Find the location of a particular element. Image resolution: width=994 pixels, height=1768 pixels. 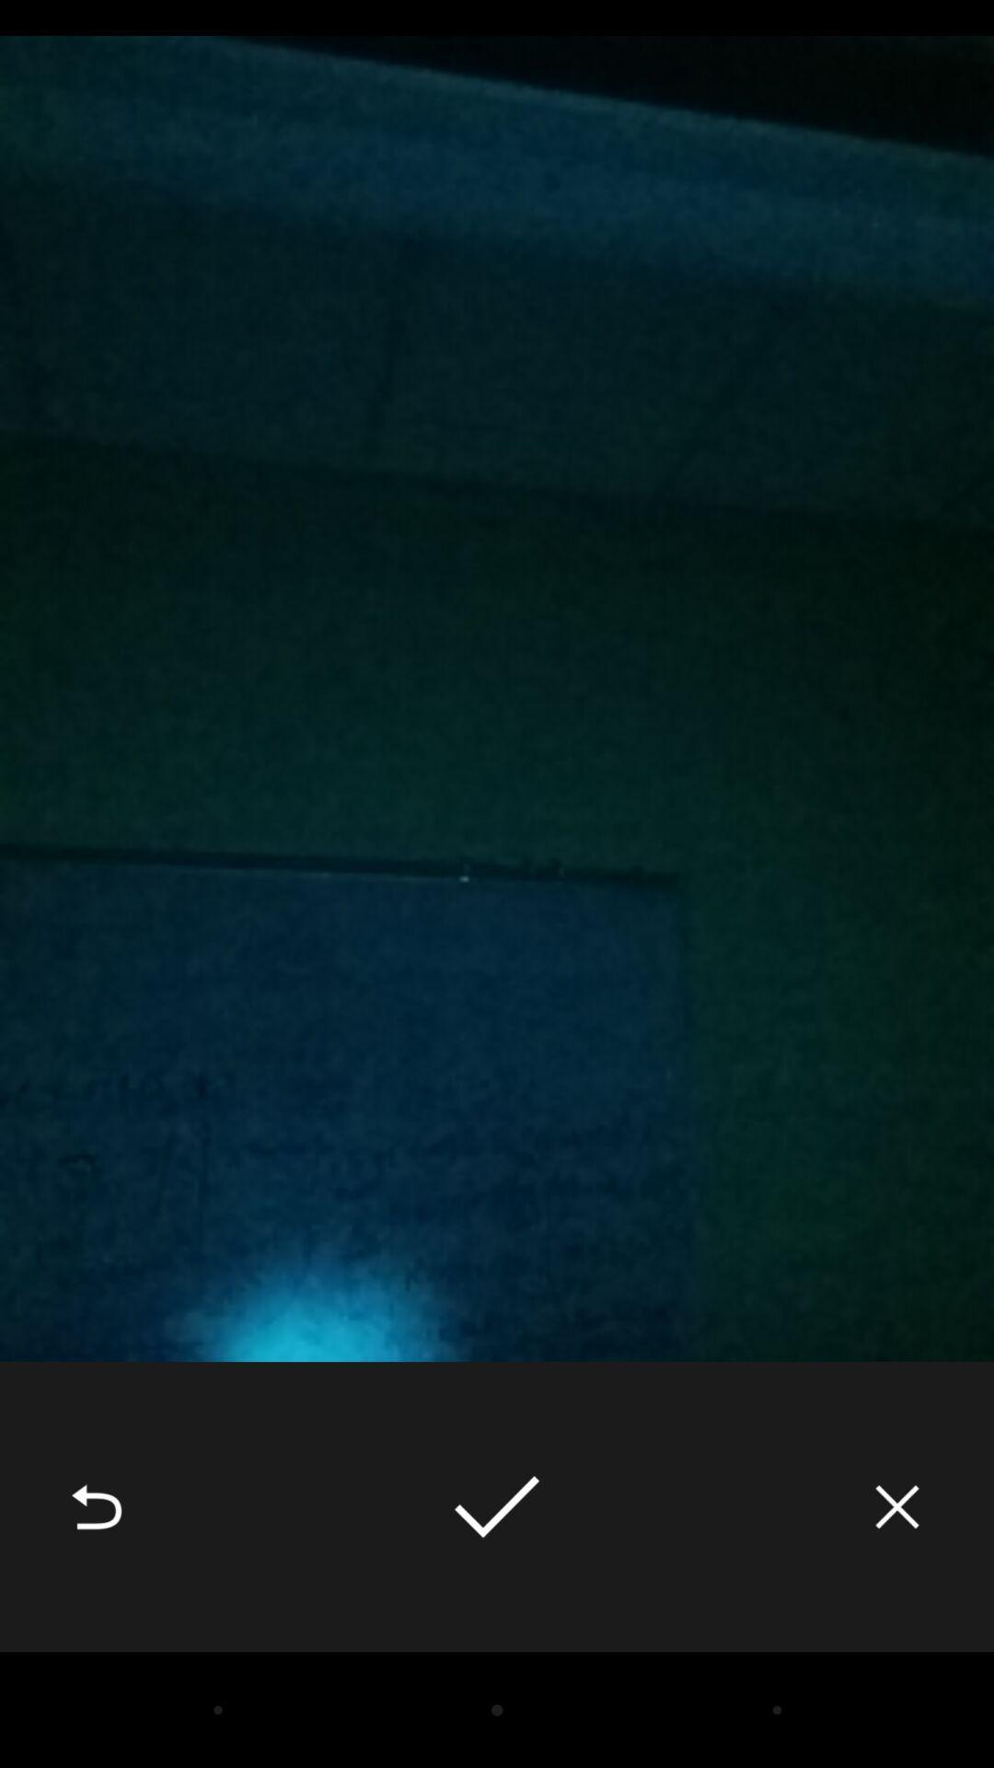

the item at the bottom left corner is located at coordinates (96, 1506).